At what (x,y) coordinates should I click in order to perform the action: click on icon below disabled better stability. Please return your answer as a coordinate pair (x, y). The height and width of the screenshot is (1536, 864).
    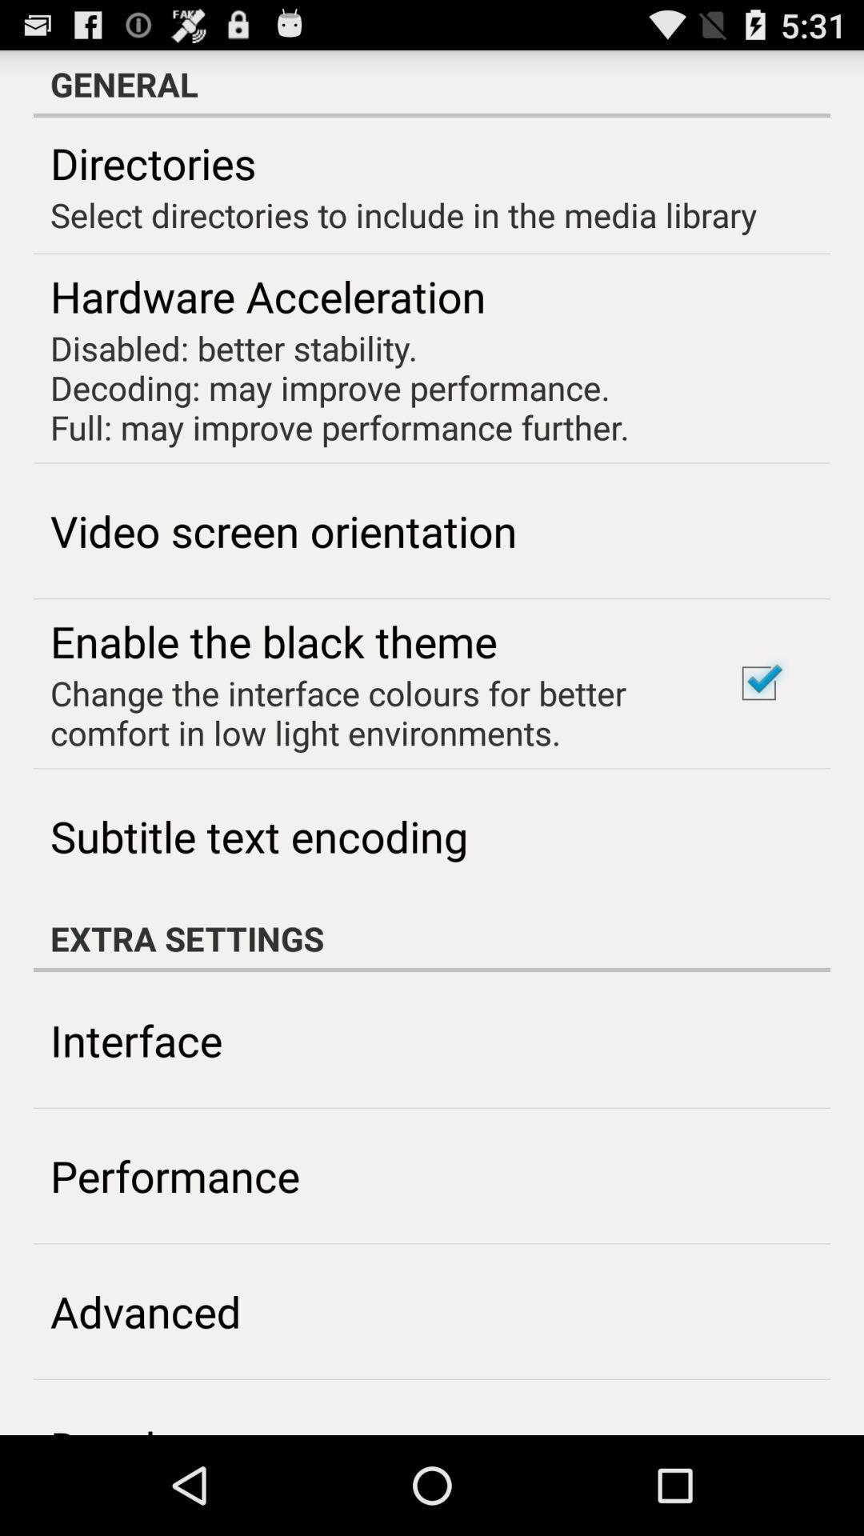
    Looking at the image, I should click on (282, 530).